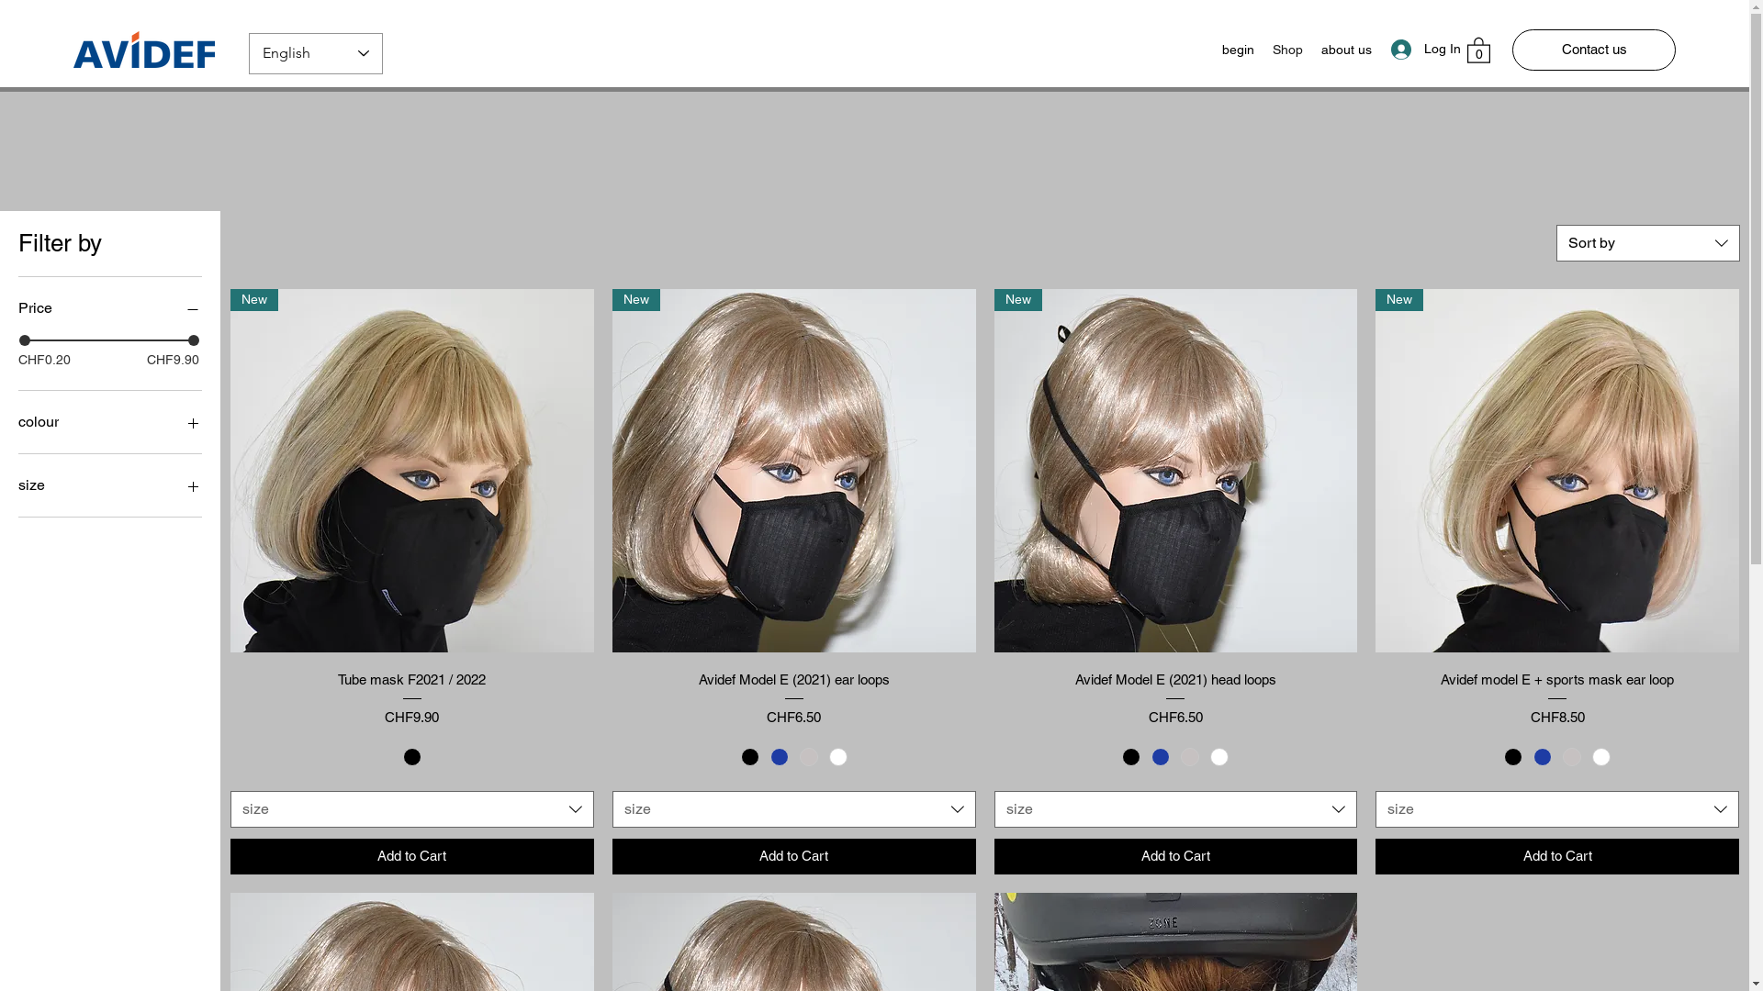 Image resolution: width=1763 pixels, height=991 pixels. Describe the element at coordinates (1555, 242) in the screenshot. I see `'Sort by'` at that location.